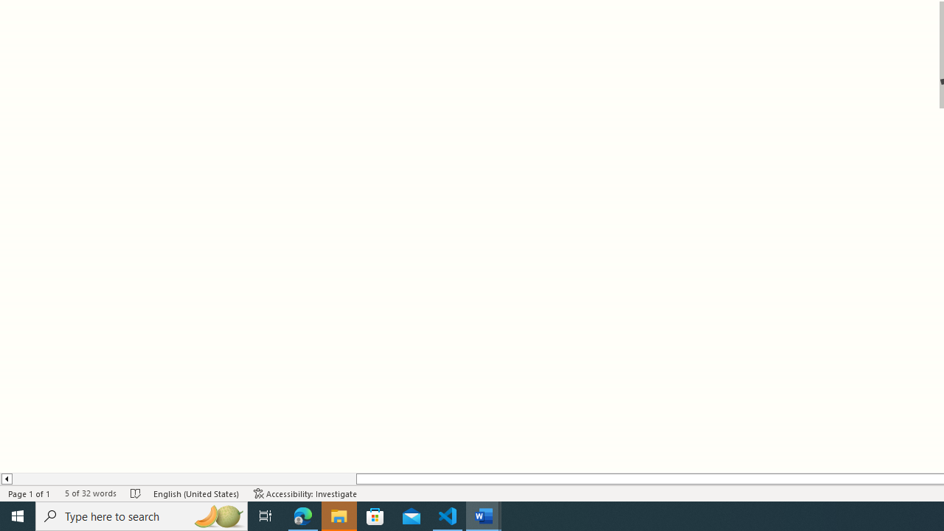  Describe the element at coordinates (89, 493) in the screenshot. I see `'Word Count 5 of 32 words'` at that location.